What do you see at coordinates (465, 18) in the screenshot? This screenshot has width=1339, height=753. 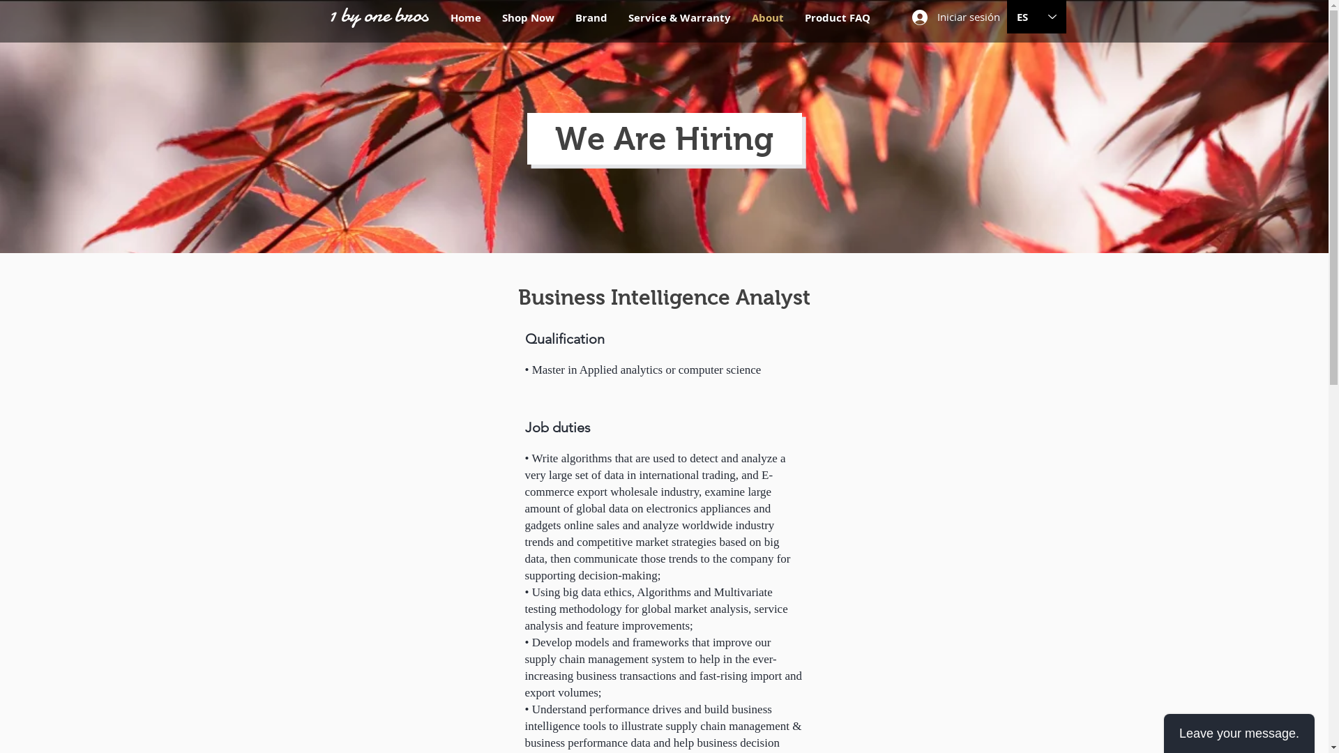 I see `'Home'` at bounding box center [465, 18].